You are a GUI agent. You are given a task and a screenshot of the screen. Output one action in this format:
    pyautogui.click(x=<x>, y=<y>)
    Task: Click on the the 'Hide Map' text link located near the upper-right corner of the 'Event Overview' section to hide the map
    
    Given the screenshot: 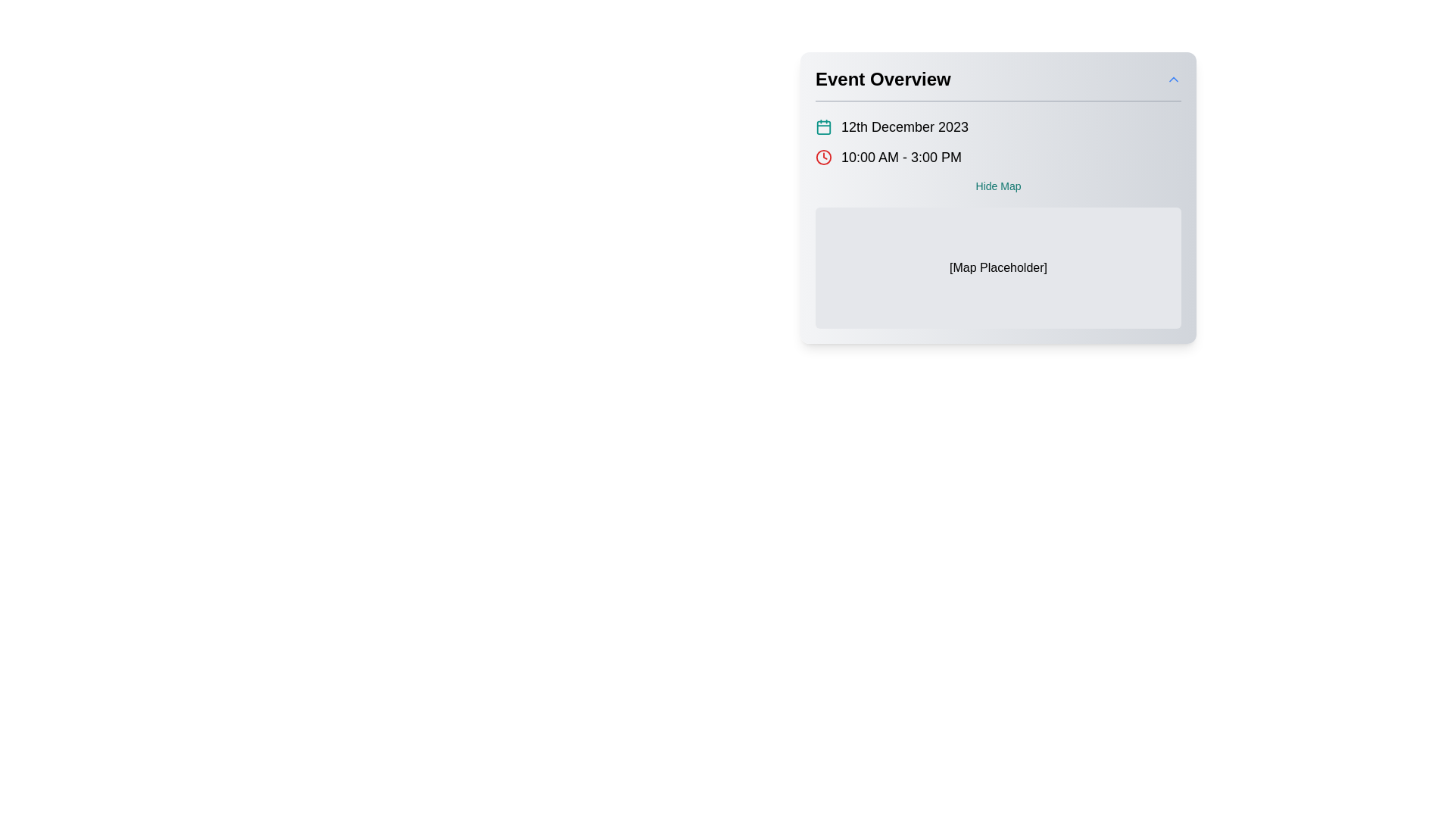 What is the action you would take?
    pyautogui.click(x=998, y=186)
    